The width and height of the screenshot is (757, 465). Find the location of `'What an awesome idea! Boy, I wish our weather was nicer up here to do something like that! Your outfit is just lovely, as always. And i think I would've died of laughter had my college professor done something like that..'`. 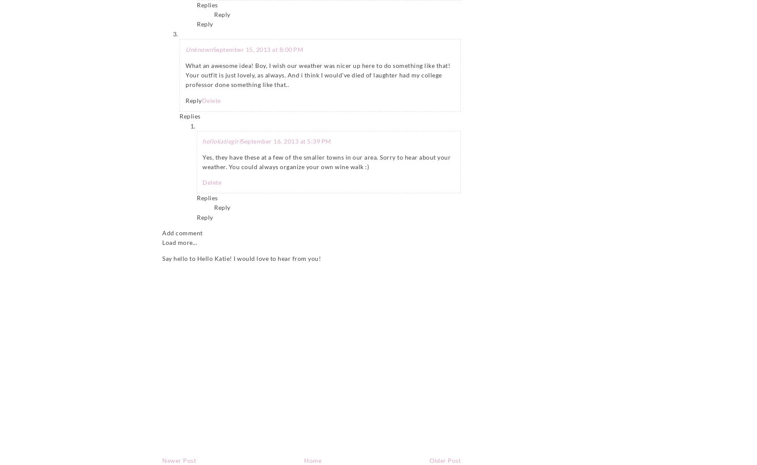

'What an awesome idea! Boy, I wish our weather was nicer up here to do something like that! Your outfit is just lovely, as always. And i think I would've died of laughter had my college professor done something like that..' is located at coordinates (318, 74).